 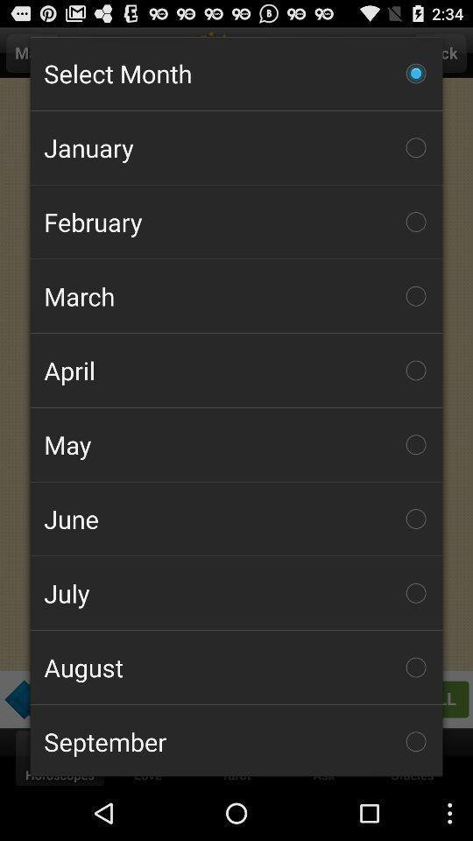 I want to click on select month icon, so click(x=236, y=74).